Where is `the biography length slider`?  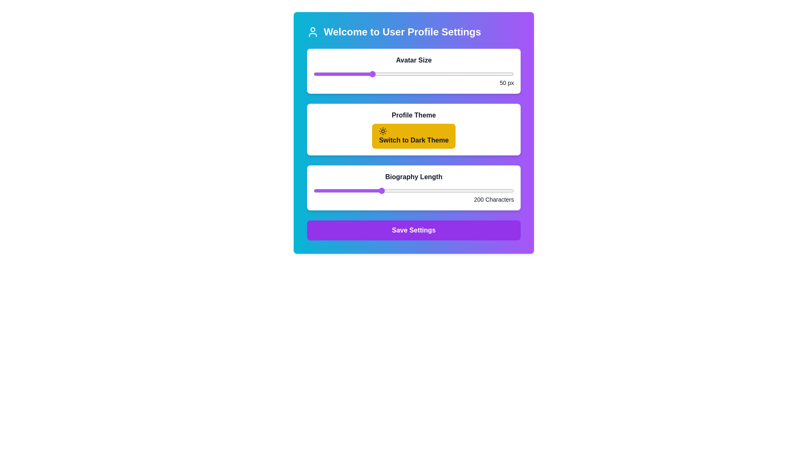 the biography length slider is located at coordinates (338, 191).